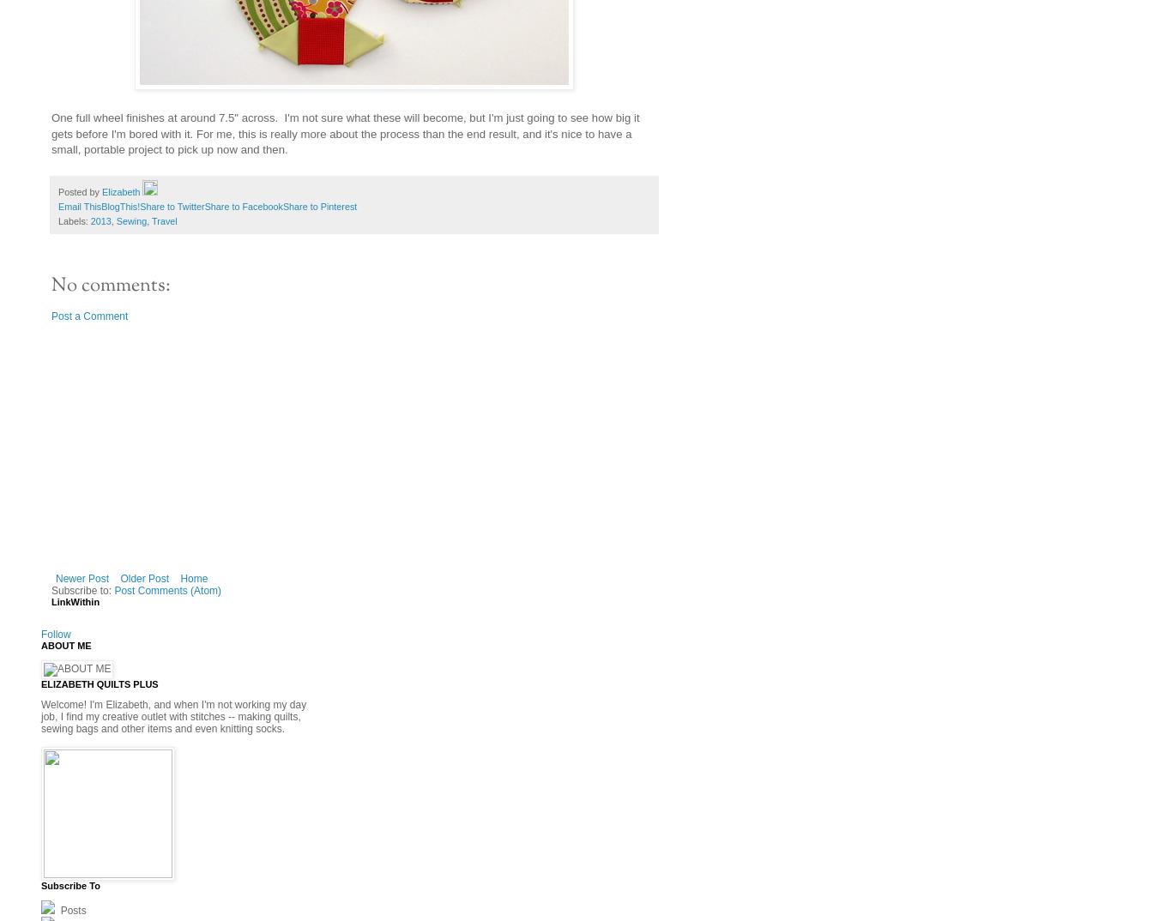 The width and height of the screenshot is (1165, 921). Describe the element at coordinates (88, 220) in the screenshot. I see `'2013'` at that location.